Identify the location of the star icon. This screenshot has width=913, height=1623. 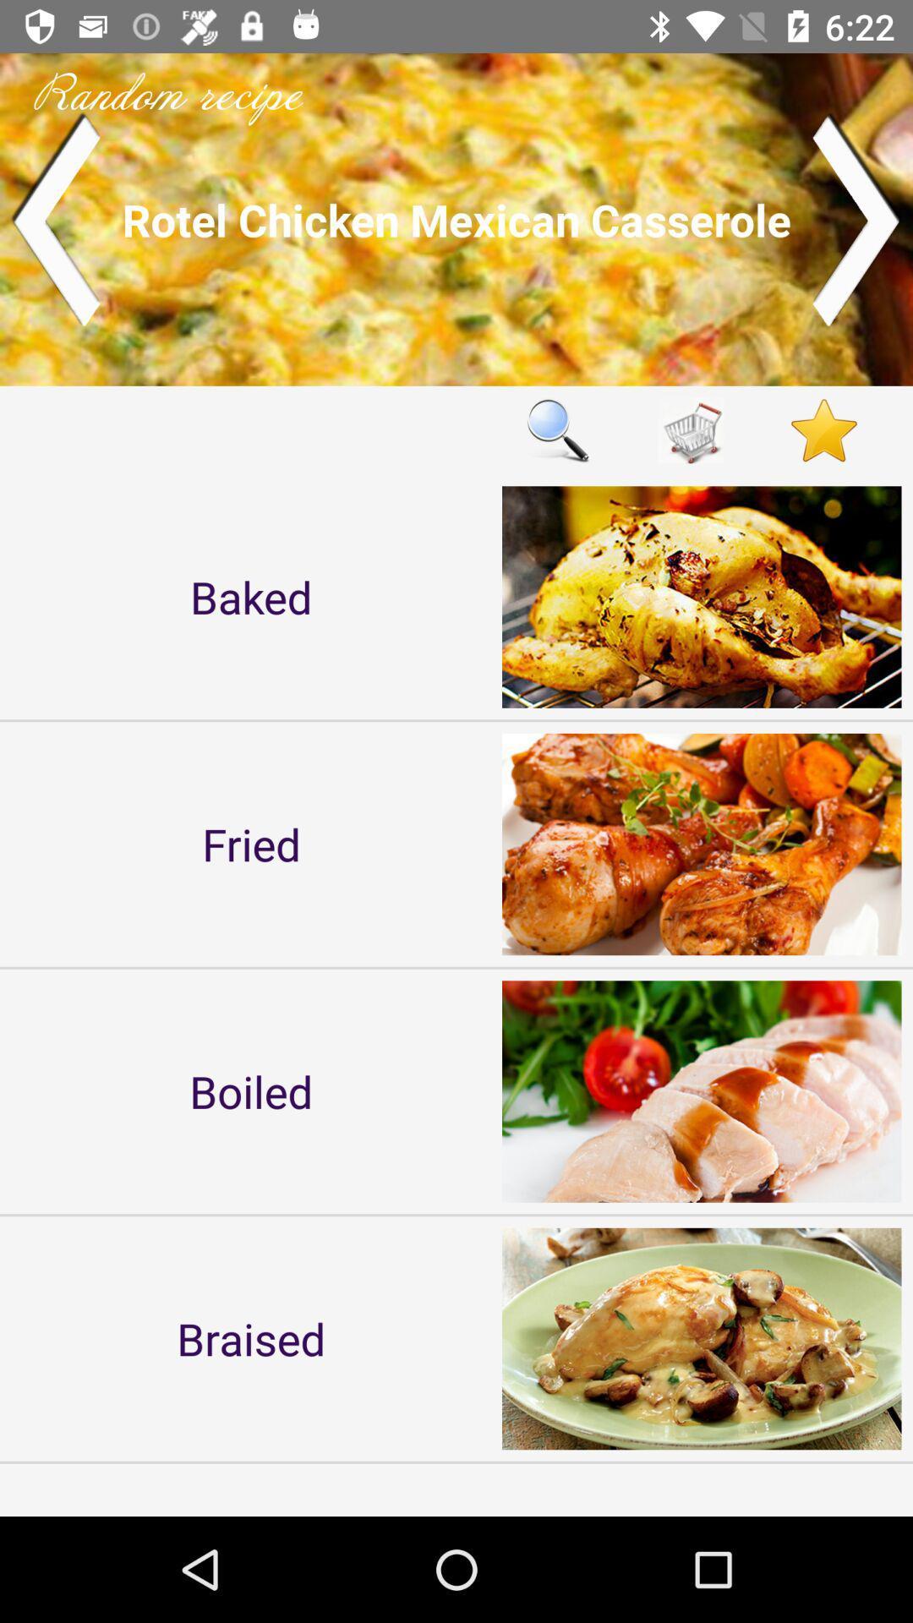
(823, 430).